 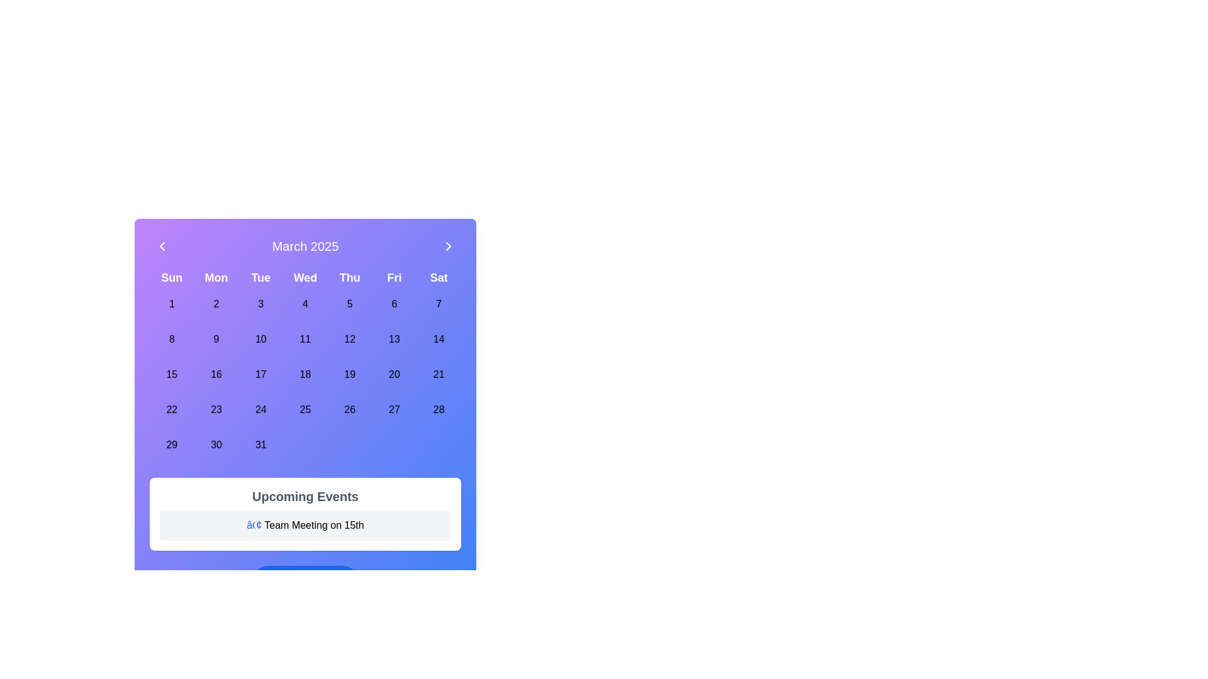 What do you see at coordinates (449, 246) in the screenshot?
I see `the right-pointing chevron icon in the top-right section of the calendar interface` at bounding box center [449, 246].